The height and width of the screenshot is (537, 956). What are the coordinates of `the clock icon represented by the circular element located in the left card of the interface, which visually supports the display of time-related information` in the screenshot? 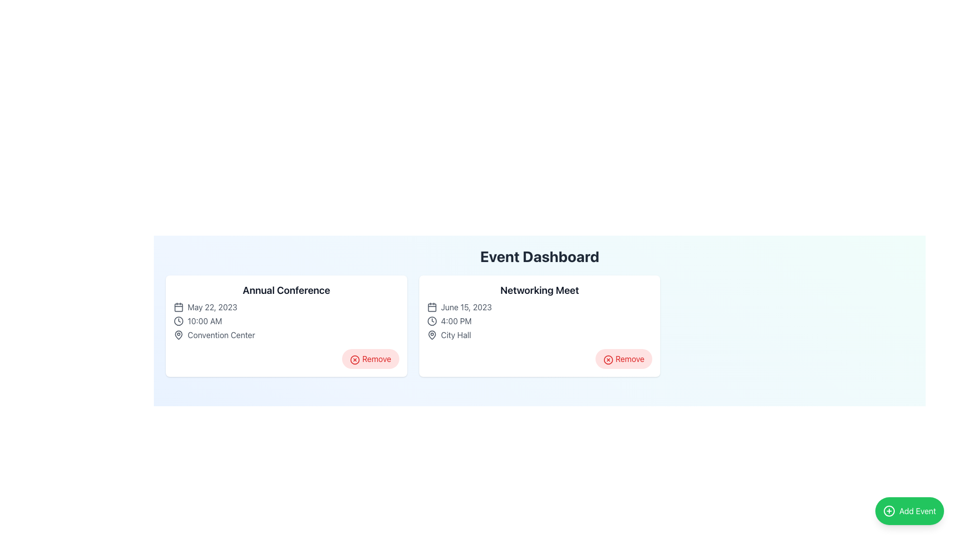 It's located at (179, 321).